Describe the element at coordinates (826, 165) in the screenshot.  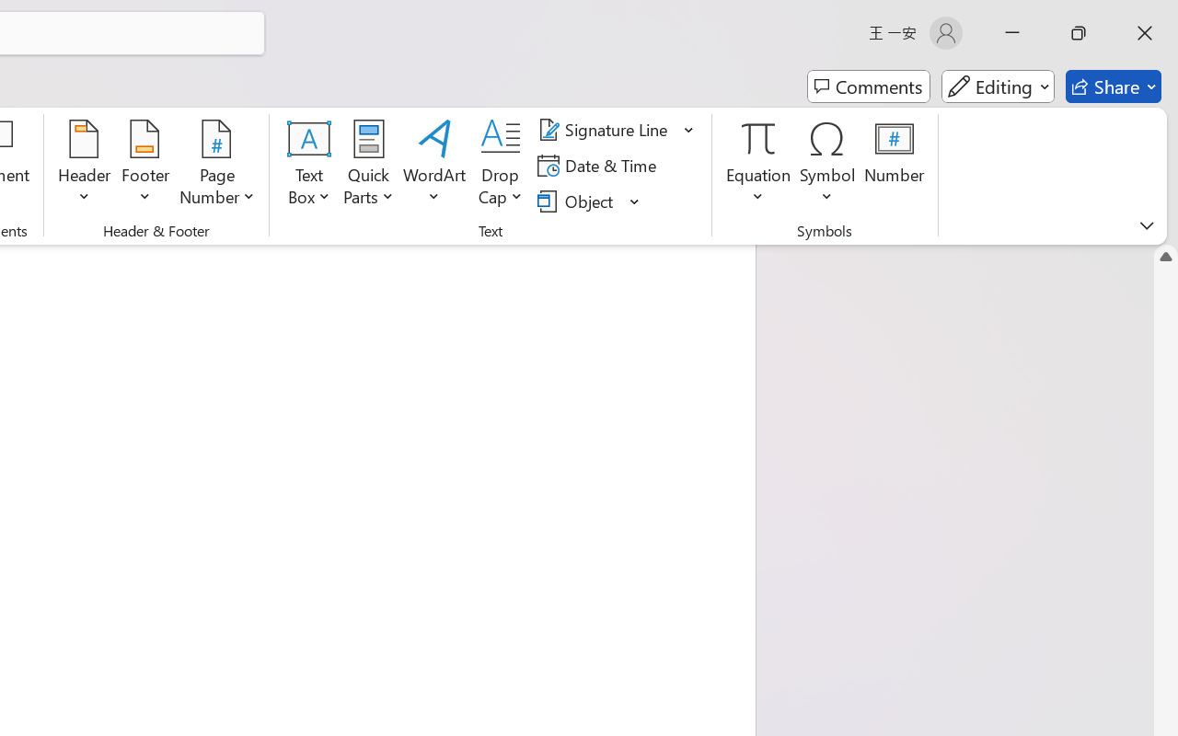
I see `'Symbol'` at that location.